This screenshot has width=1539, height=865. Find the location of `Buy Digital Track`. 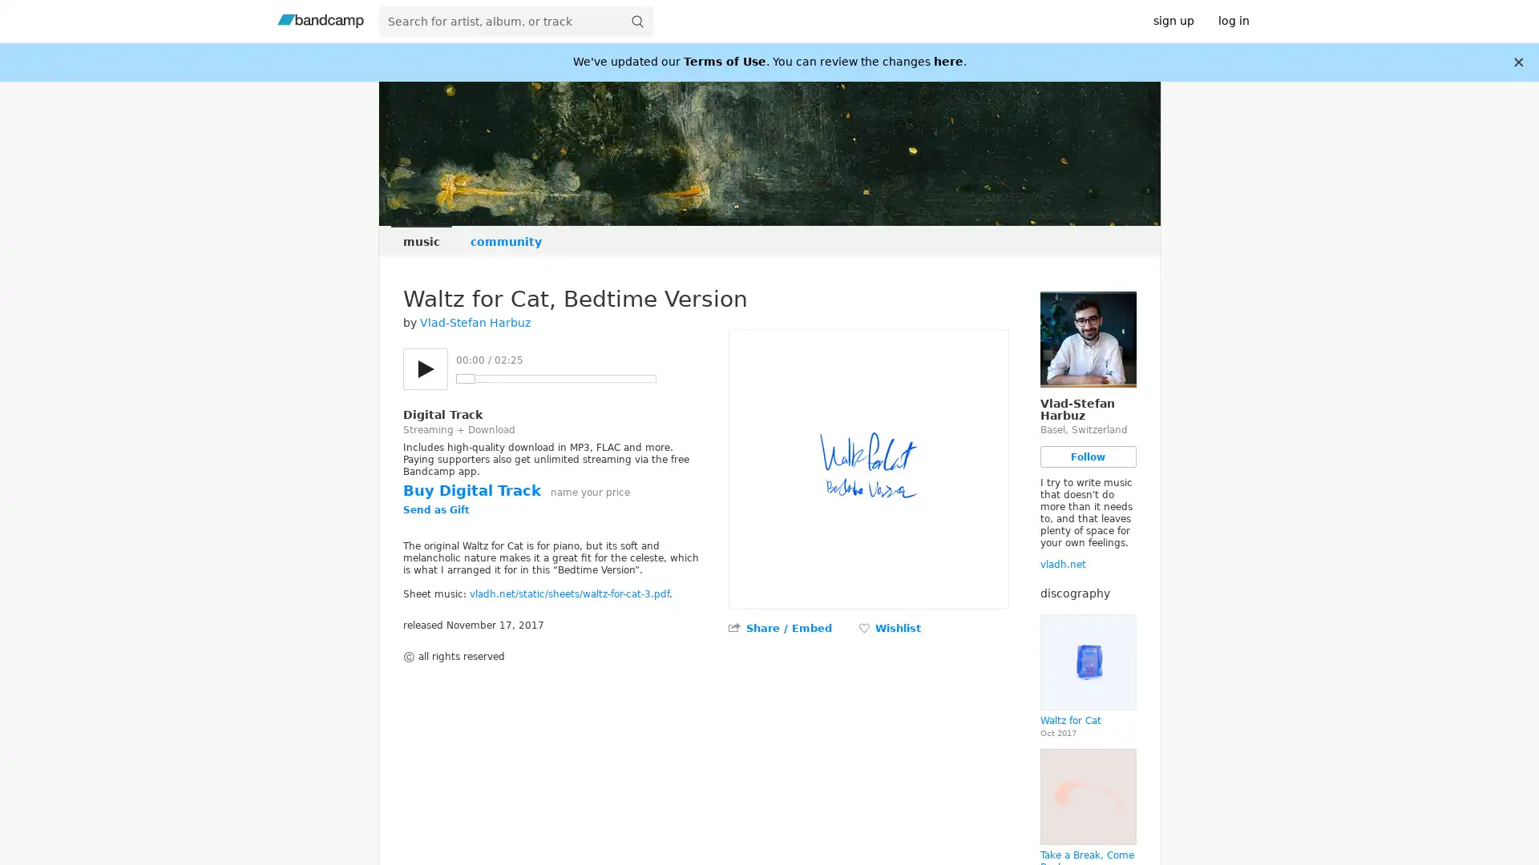

Buy Digital Track is located at coordinates (471, 490).